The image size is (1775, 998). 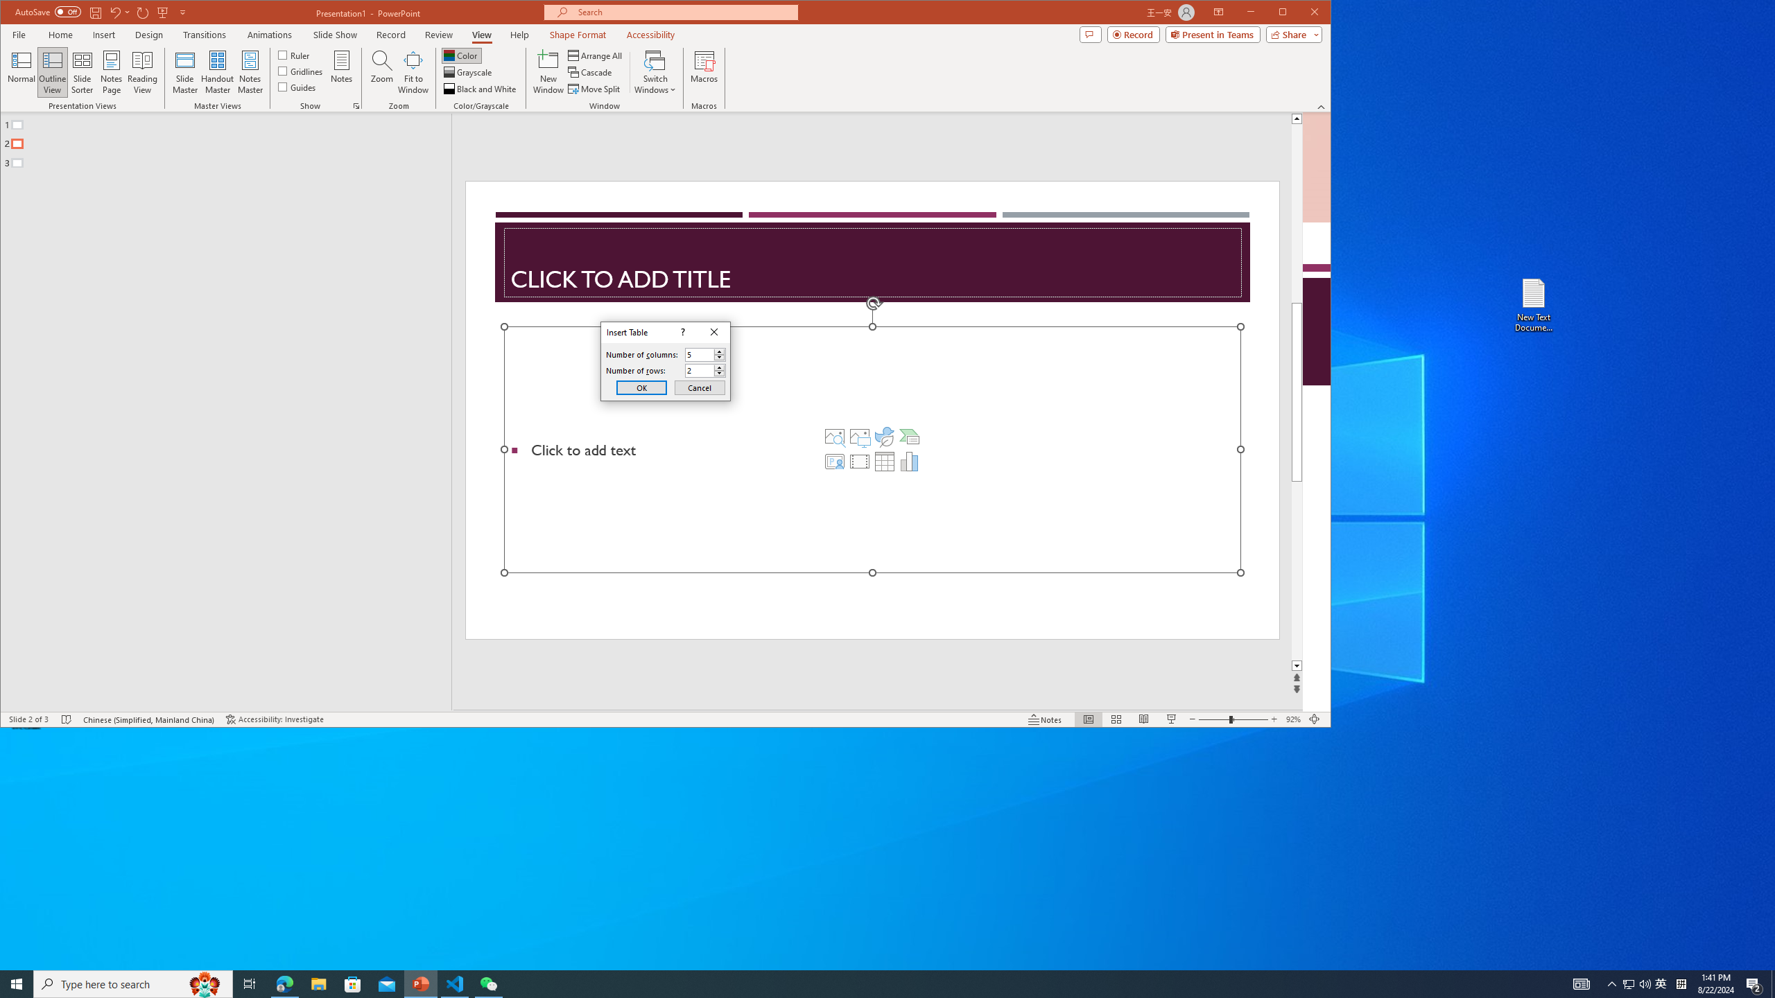 I want to click on 'Gridlines', so click(x=300, y=71).